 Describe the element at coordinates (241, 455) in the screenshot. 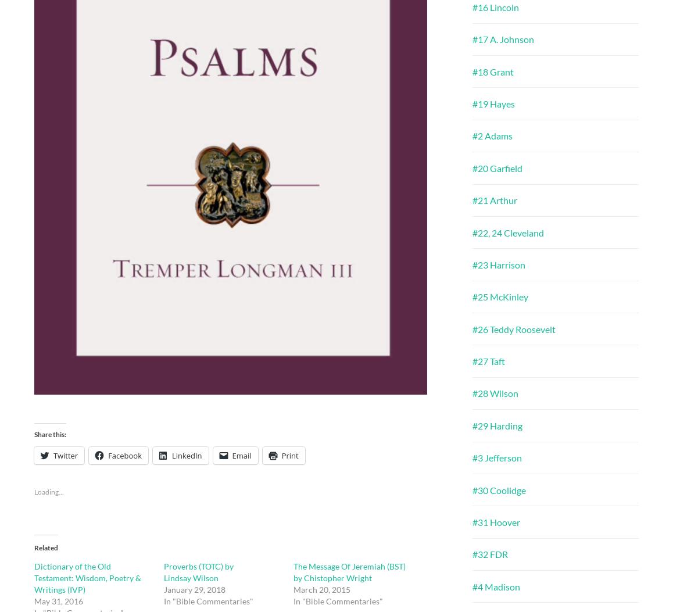

I see `'Email'` at that location.